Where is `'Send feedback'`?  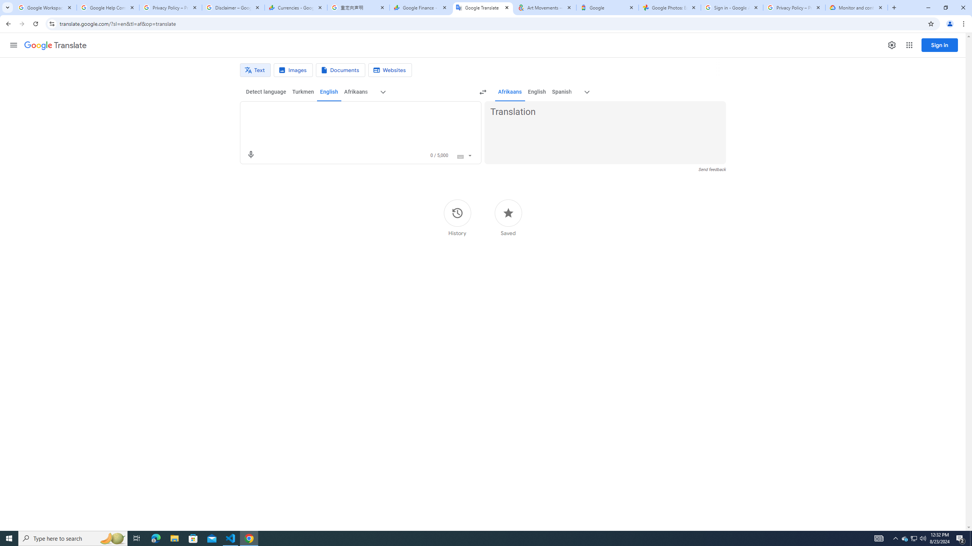 'Send feedback' is located at coordinates (712, 169).